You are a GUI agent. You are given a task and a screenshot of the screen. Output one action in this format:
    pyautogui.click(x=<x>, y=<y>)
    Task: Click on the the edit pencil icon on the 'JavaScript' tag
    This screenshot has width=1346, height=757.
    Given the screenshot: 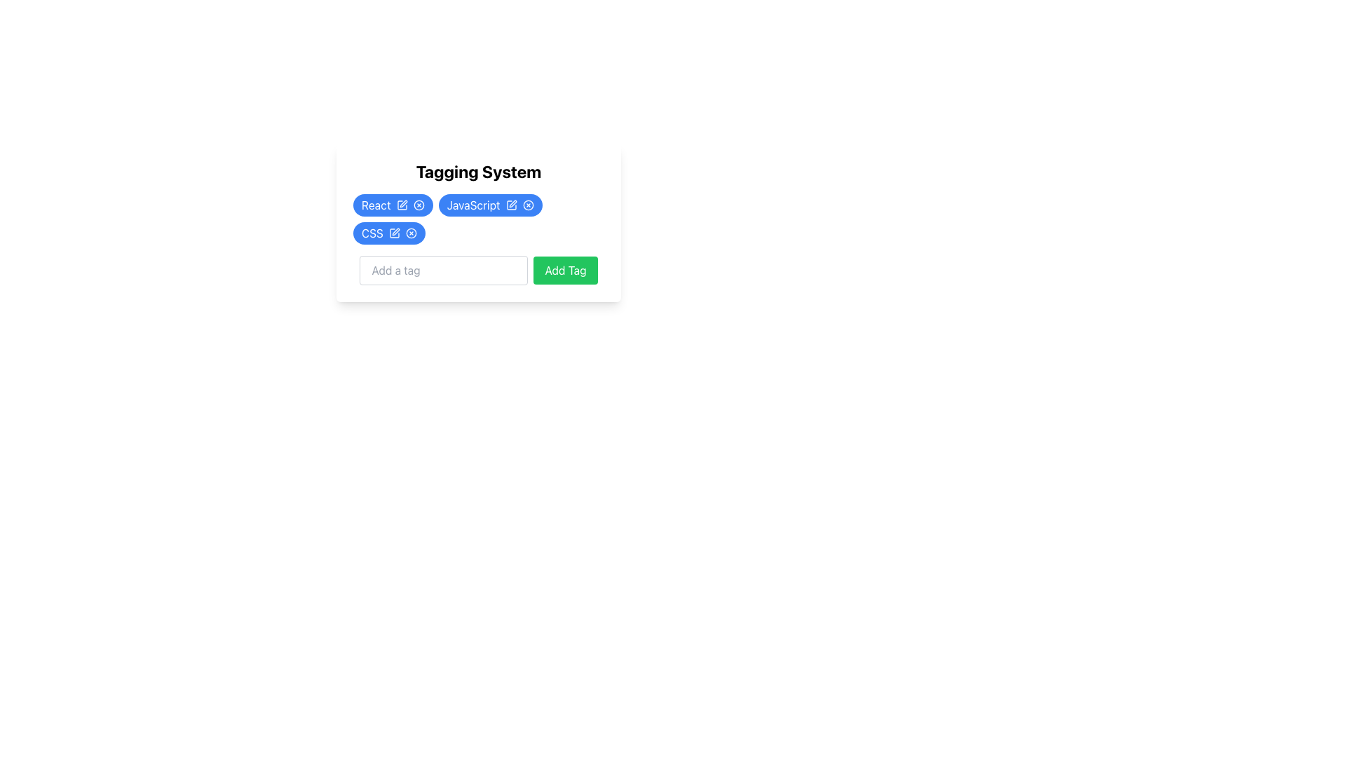 What is the action you would take?
    pyautogui.click(x=490, y=205)
    